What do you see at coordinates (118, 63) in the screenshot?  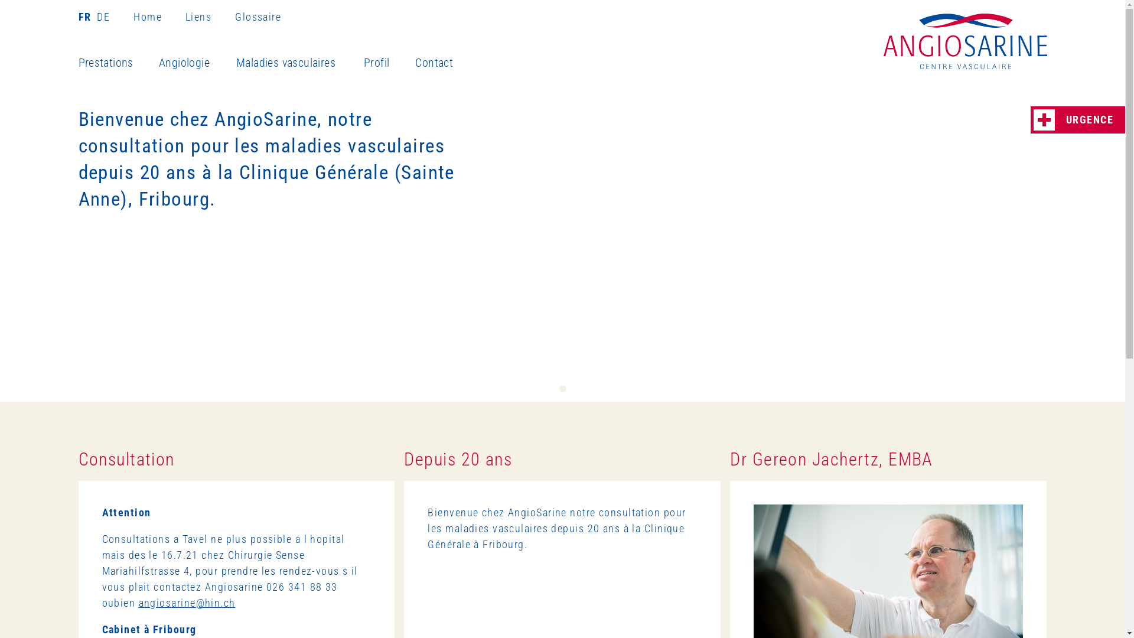 I see `'Prestations'` at bounding box center [118, 63].